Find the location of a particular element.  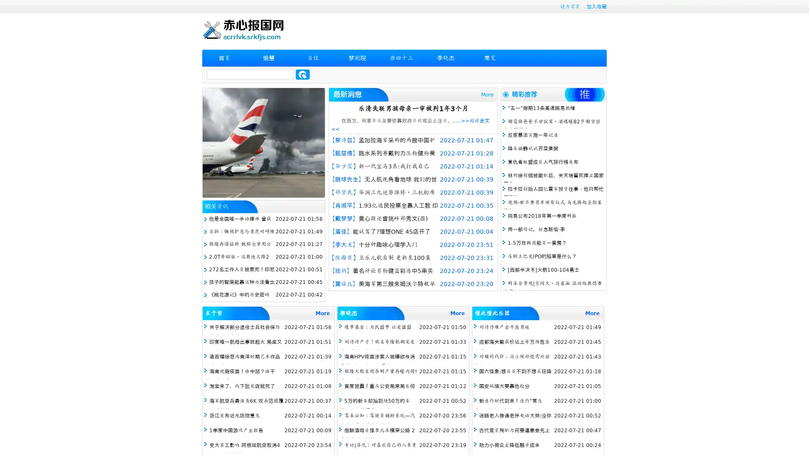

Search is located at coordinates (303, 74).